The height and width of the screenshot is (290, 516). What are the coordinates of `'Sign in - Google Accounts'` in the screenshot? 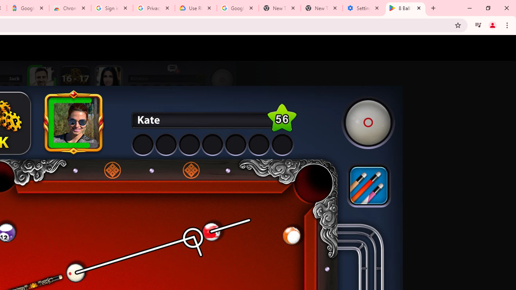 It's located at (112, 8).